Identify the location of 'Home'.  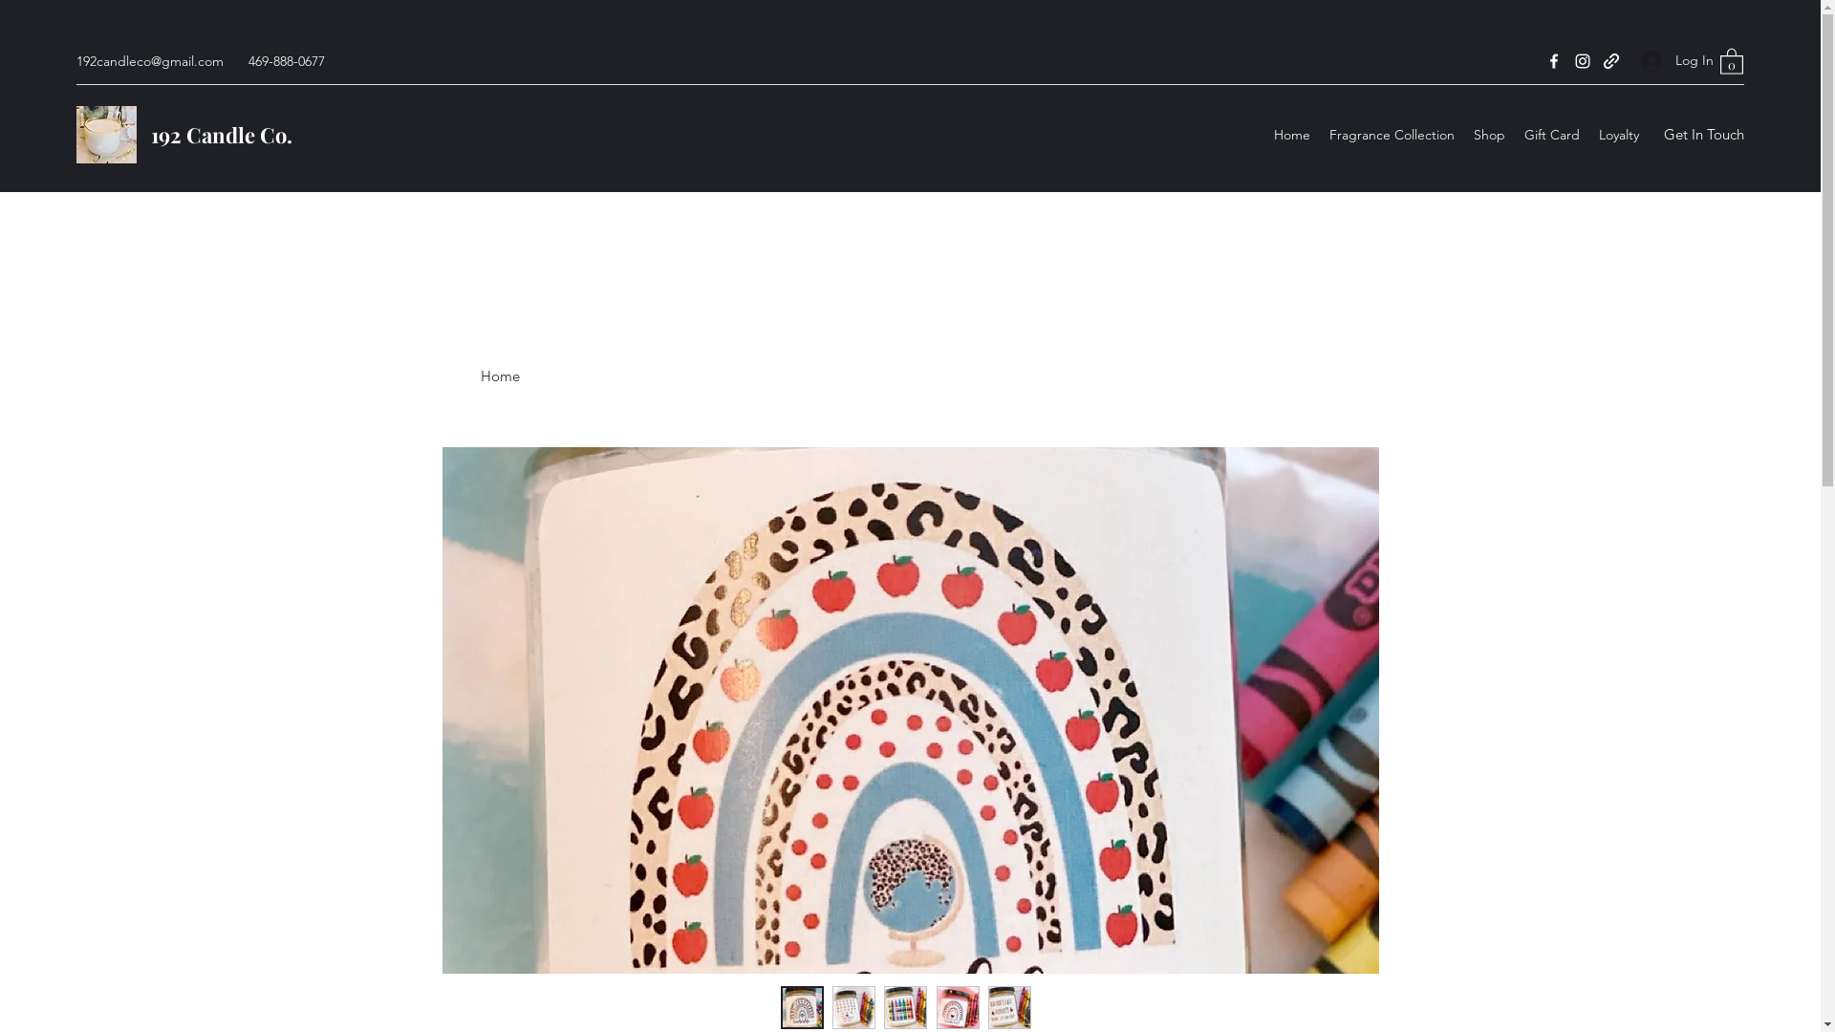
(1264, 134).